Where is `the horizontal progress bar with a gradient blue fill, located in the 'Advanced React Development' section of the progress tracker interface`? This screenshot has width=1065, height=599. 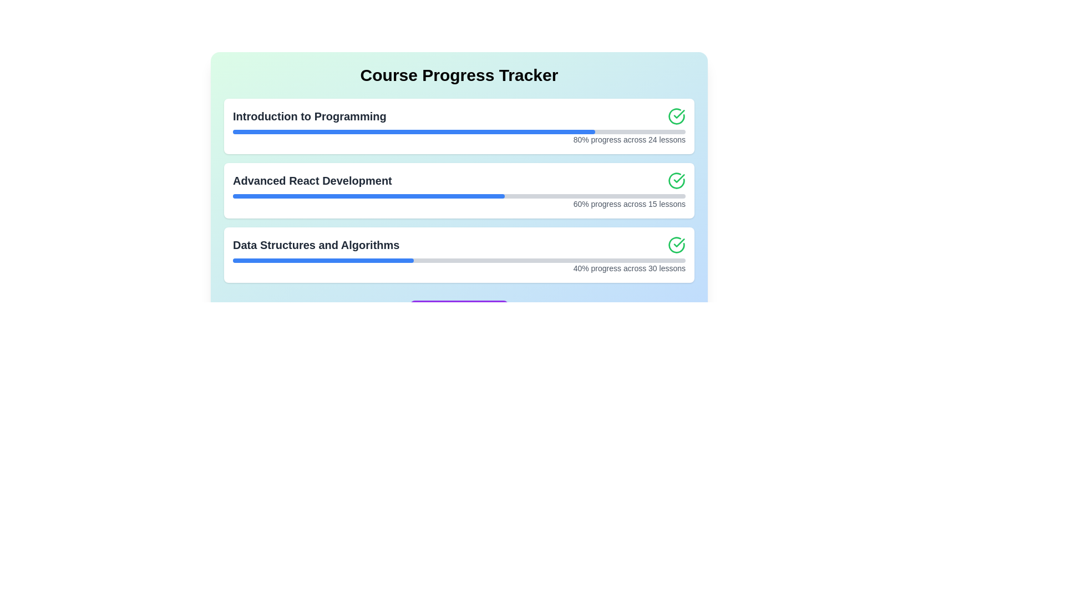 the horizontal progress bar with a gradient blue fill, located in the 'Advanced React Development' section of the progress tracker interface is located at coordinates (459, 194).